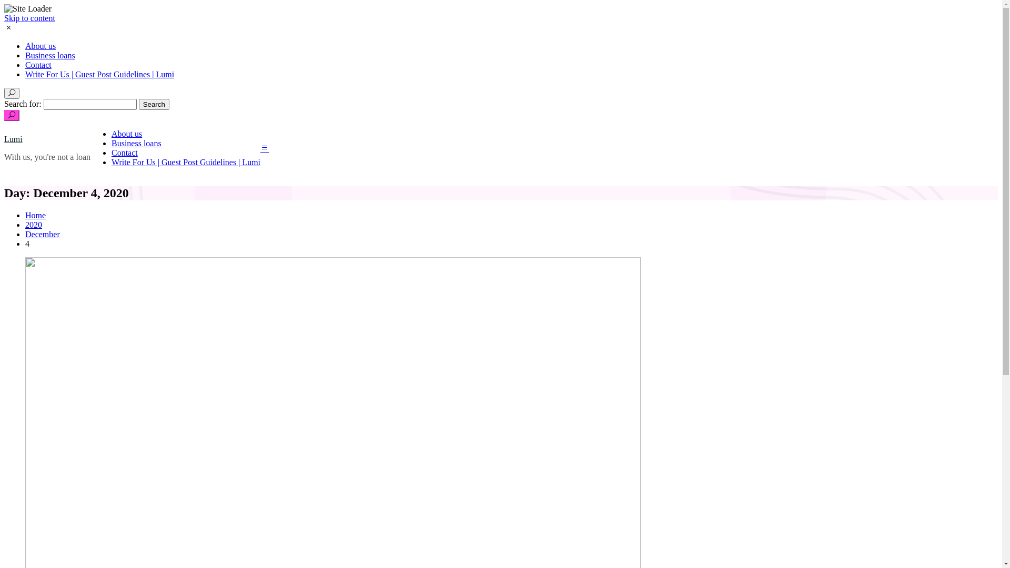 This screenshot has width=1010, height=568. I want to click on '2020', so click(33, 224).